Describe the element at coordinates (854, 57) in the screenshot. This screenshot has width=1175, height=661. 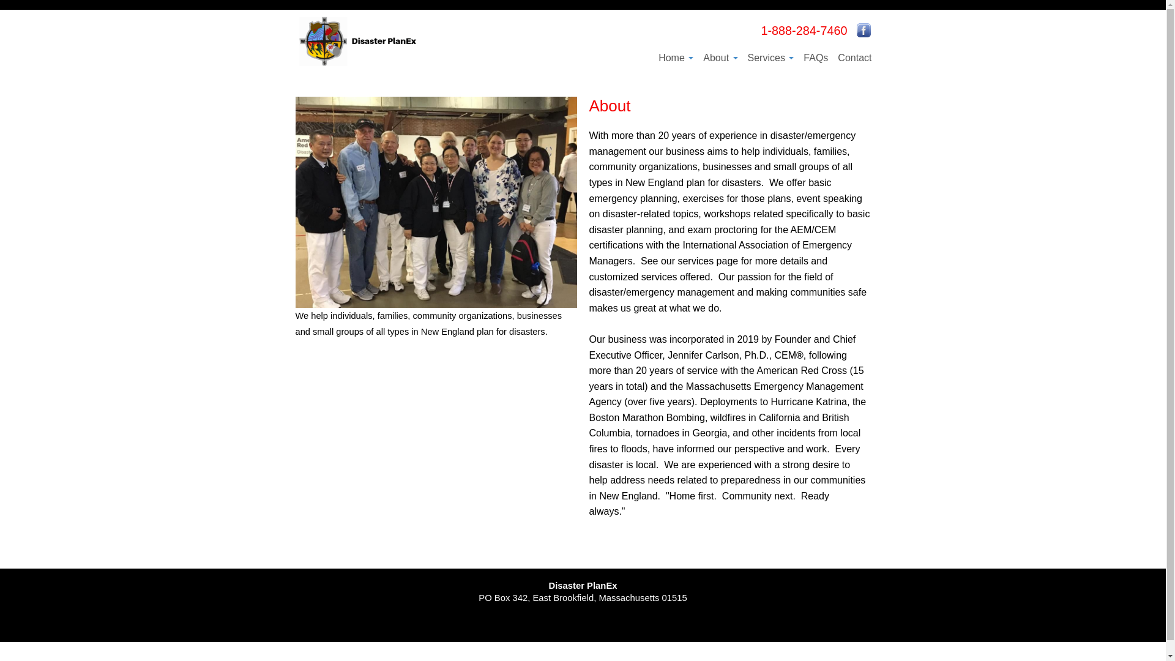
I see `'Contact'` at that location.